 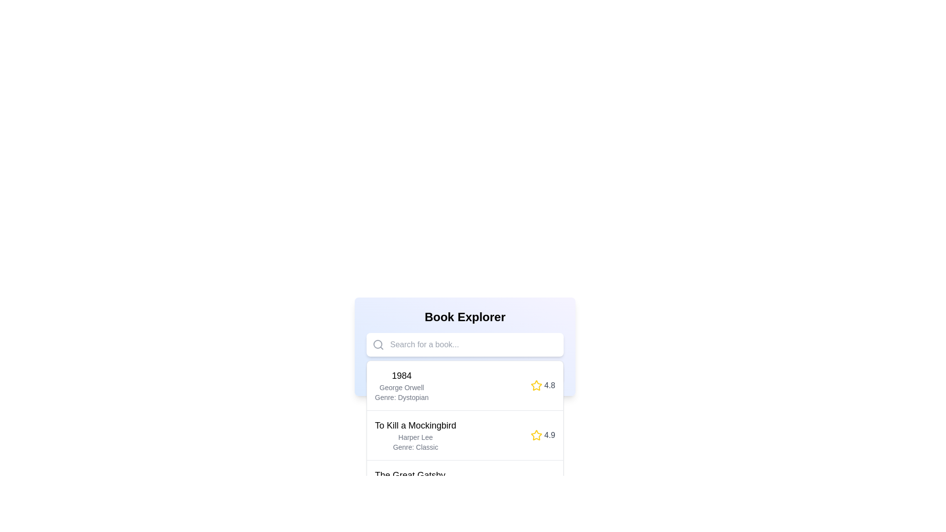 I want to click on the Text Label displaying the rating value '4.8' next to the yellow star icon in the 'Book Explorer' application, which is part of the rating display for the first book entry (1984), so click(x=549, y=385).